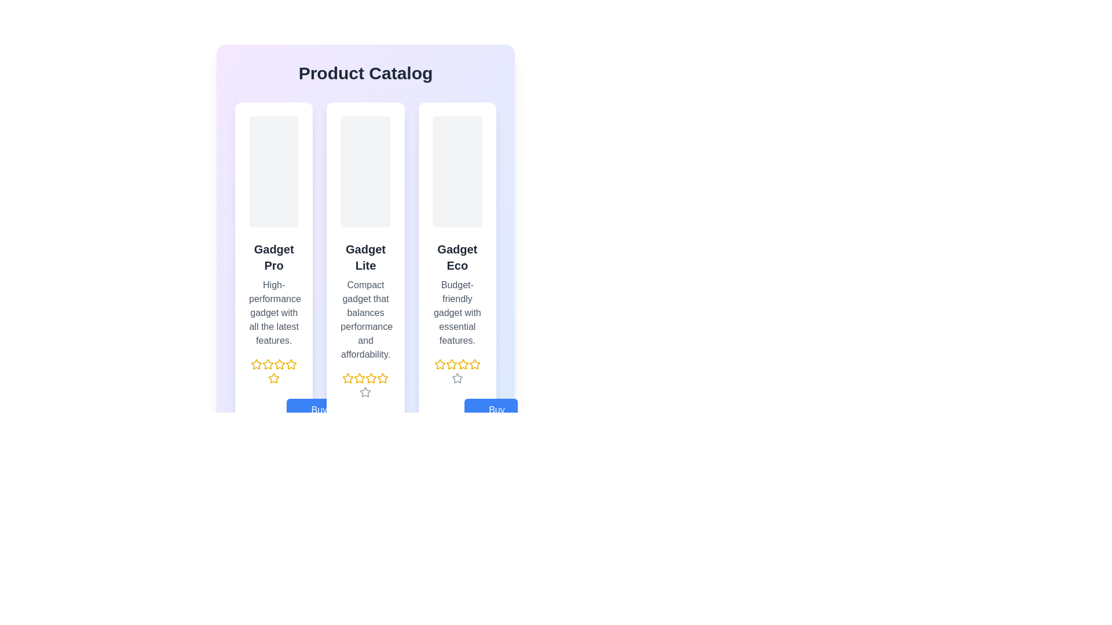 The height and width of the screenshot is (625, 1112). I want to click on the second yellow outlined star icon in the rating section beneath the 'Gadget Lite' product description for interaction, so click(348, 378).